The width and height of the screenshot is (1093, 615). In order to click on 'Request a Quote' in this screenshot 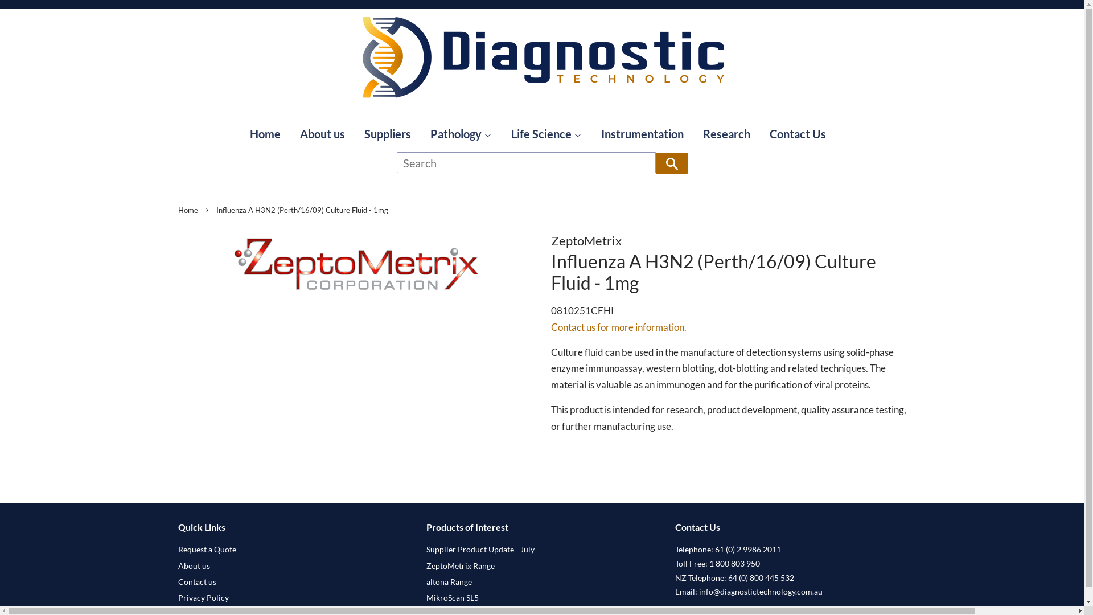, I will do `click(207, 548)`.